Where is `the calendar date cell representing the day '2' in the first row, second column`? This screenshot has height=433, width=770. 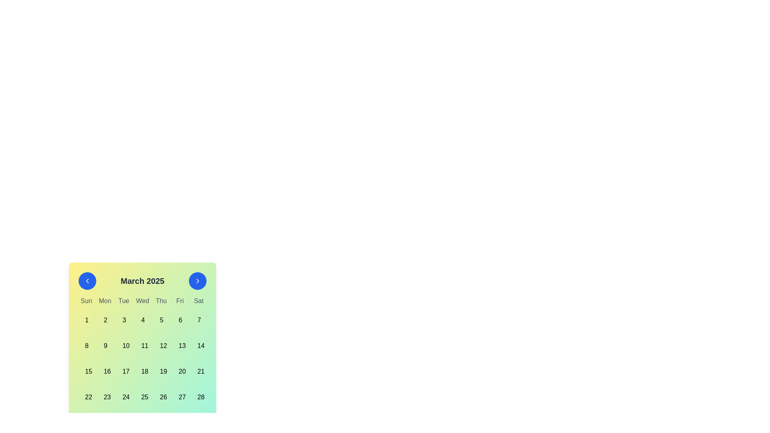
the calendar date cell representing the day '2' in the first row, second column is located at coordinates (105, 320).